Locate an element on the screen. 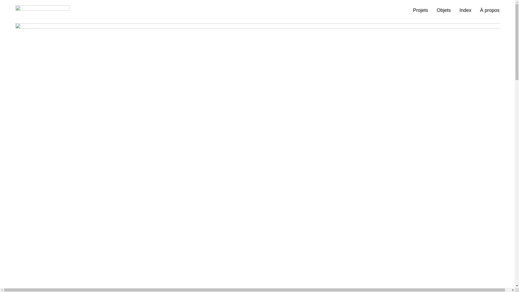 The image size is (519, 292). 'Index' is located at coordinates (465, 10).